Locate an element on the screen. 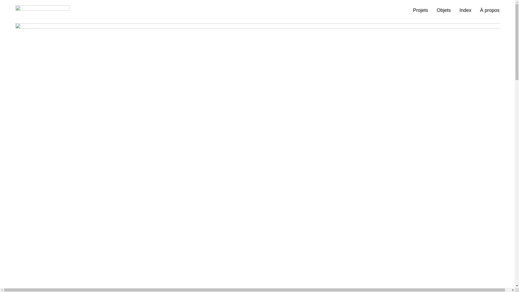 The image size is (519, 292). 'Index' is located at coordinates (465, 10).